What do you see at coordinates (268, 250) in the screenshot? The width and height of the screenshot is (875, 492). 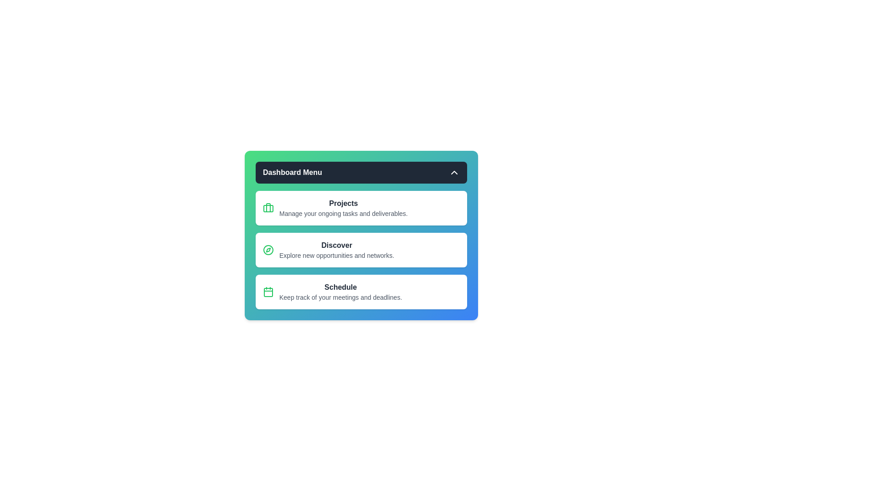 I see `the icon of the menu item corresponding to Discover` at bounding box center [268, 250].